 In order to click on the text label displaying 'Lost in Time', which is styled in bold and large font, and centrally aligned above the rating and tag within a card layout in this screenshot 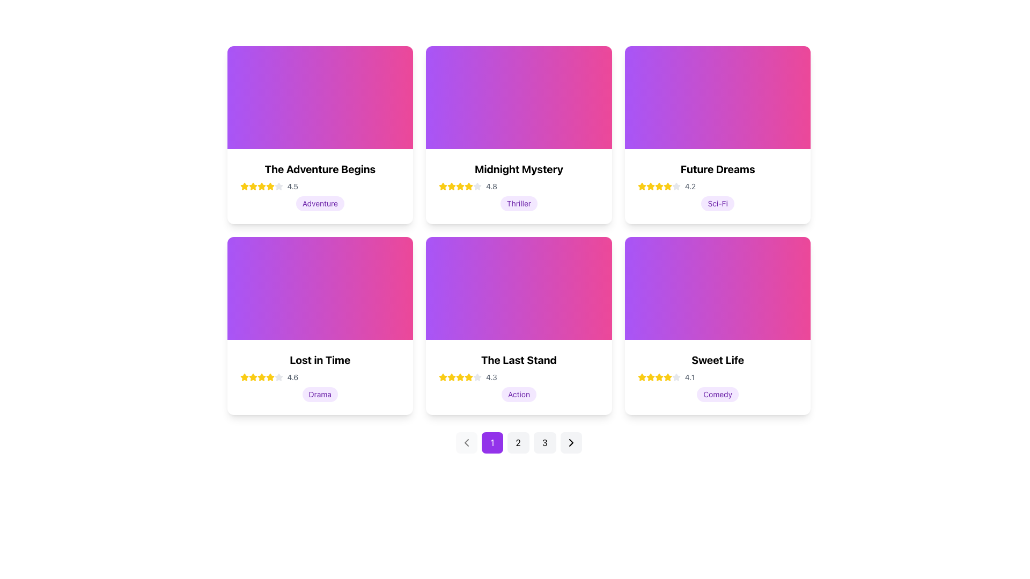, I will do `click(319, 360)`.